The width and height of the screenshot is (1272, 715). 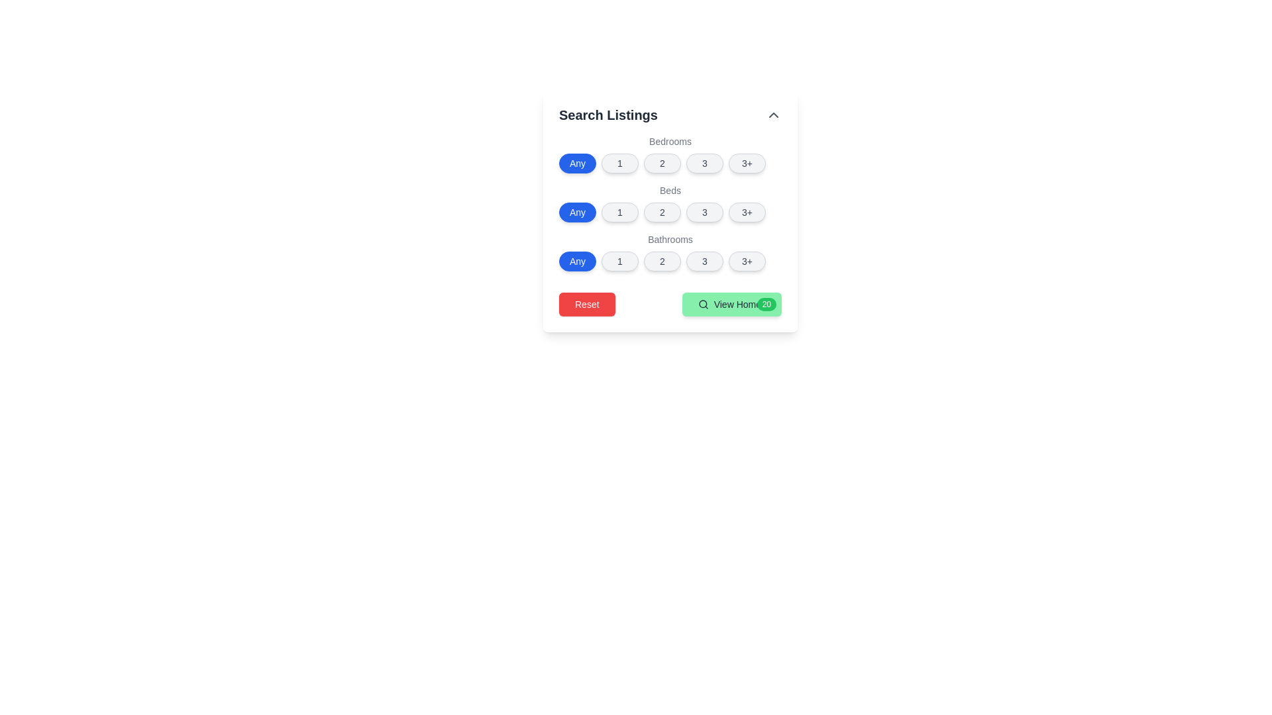 What do you see at coordinates (670, 203) in the screenshot?
I see `the interactive button group for specifying the number of beds, located between the 'Bedrooms' and 'Bathrooms' selectors` at bounding box center [670, 203].